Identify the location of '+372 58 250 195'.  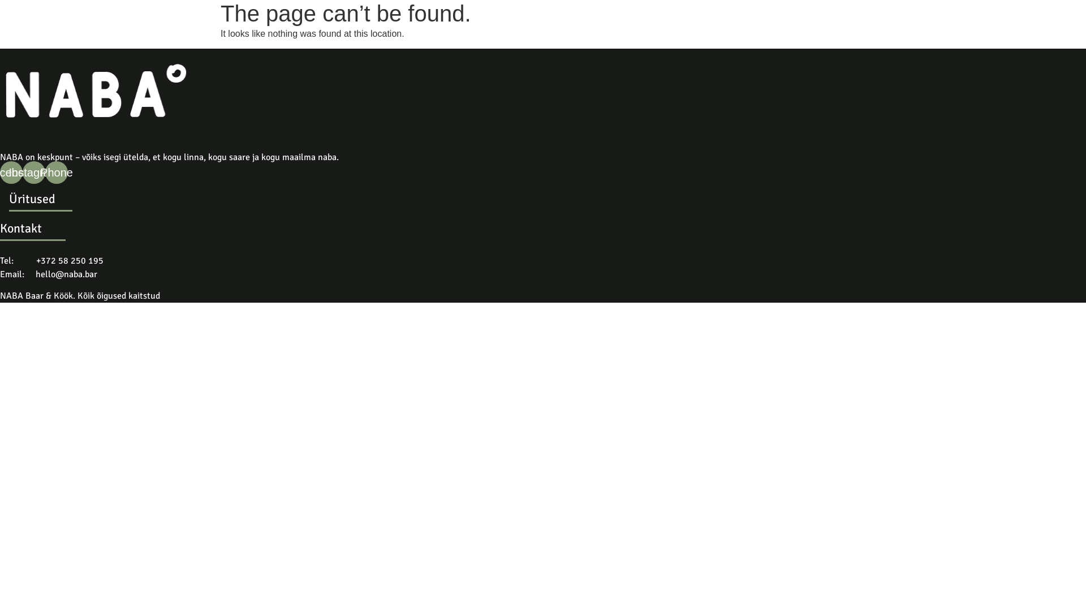
(69, 261).